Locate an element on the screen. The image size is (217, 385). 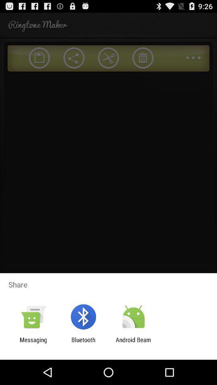
bluetooth icon is located at coordinates (83, 343).